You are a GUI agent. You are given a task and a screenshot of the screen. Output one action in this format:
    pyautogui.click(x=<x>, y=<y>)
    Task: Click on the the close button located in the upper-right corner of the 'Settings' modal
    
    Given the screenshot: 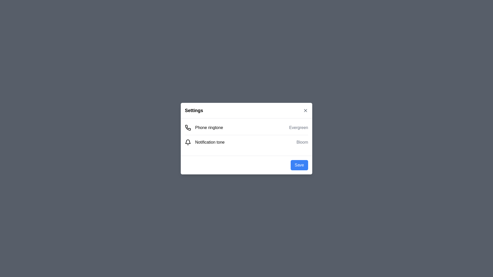 What is the action you would take?
    pyautogui.click(x=306, y=110)
    